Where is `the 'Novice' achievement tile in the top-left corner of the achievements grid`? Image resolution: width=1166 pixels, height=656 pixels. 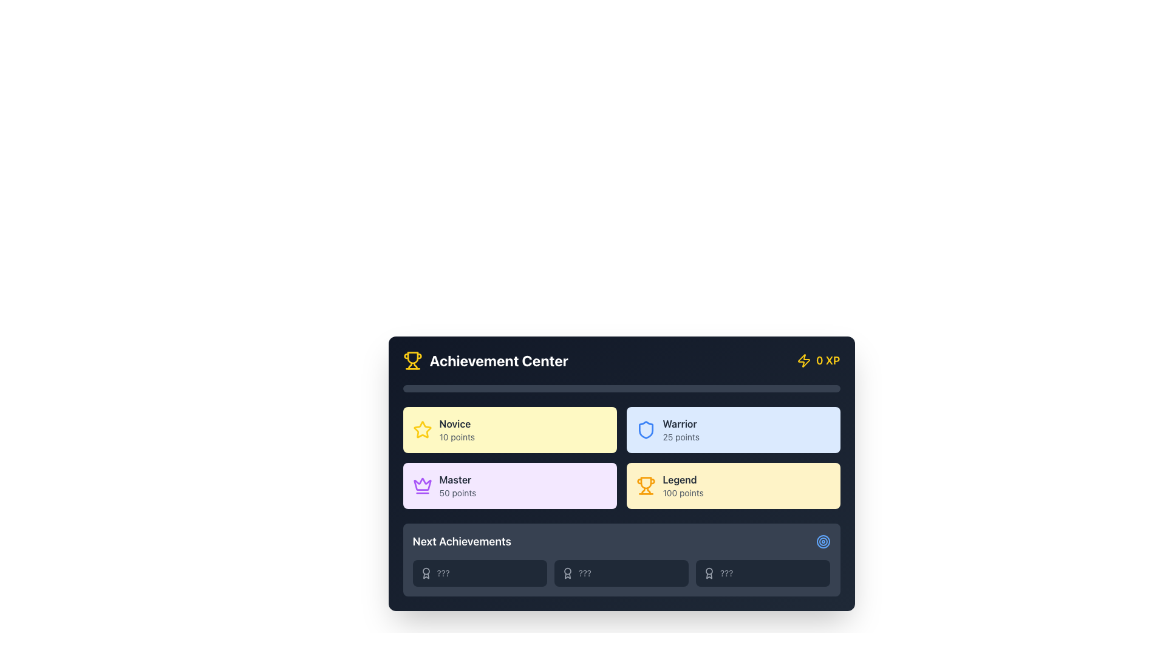
the 'Novice' achievement tile in the top-left corner of the achievements grid is located at coordinates (510, 429).